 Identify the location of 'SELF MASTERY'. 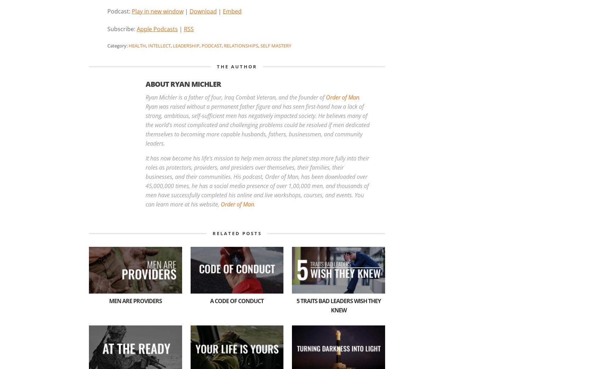
(260, 45).